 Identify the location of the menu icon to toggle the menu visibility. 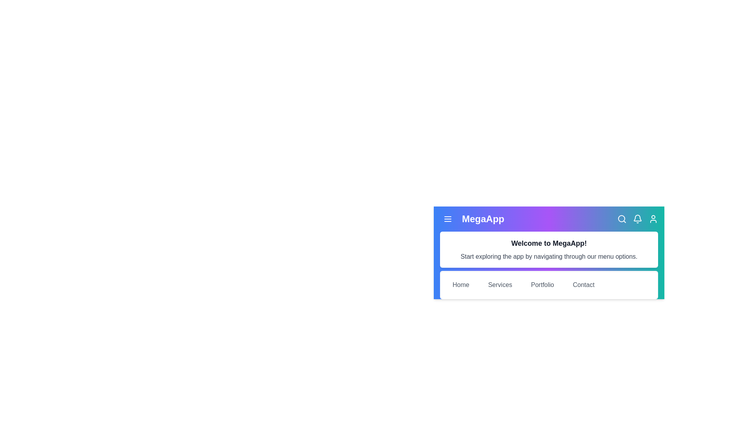
(448, 219).